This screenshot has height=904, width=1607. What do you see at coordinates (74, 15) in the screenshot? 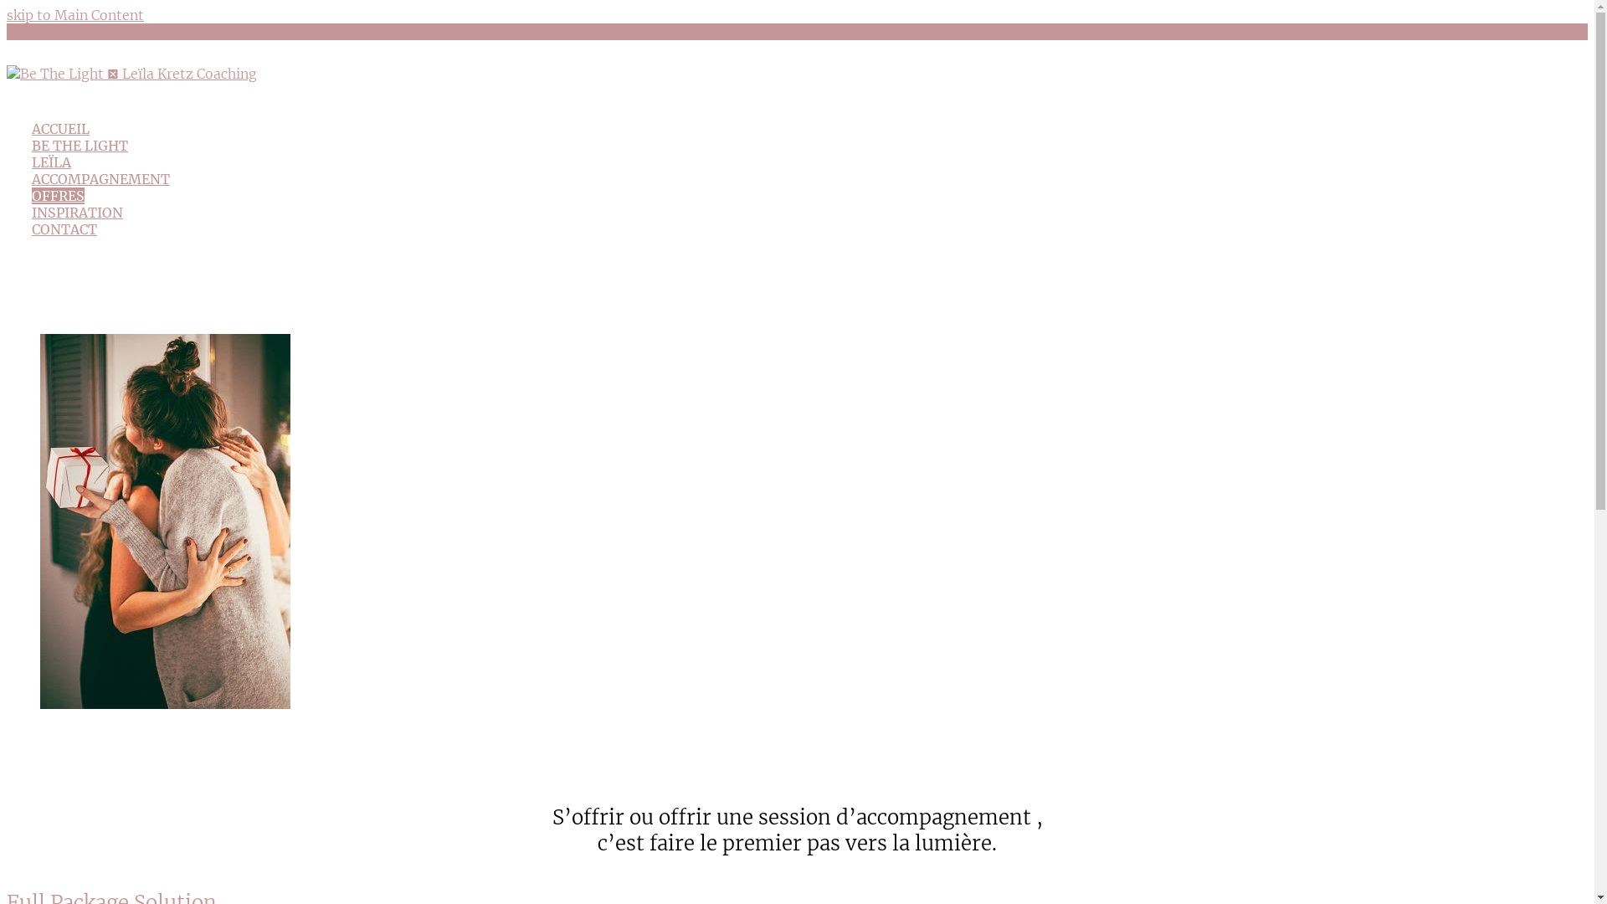
I see `'skip to Main Content'` at bounding box center [74, 15].